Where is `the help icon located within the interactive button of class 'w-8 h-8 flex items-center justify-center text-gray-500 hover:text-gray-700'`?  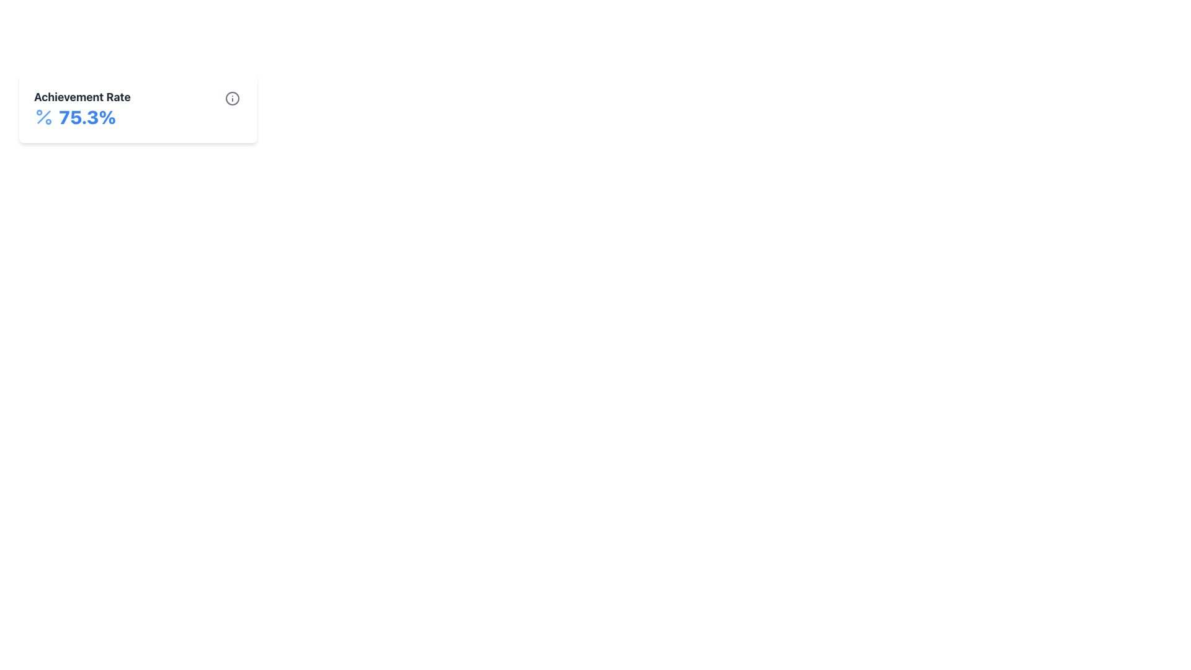
the help icon located within the interactive button of class 'w-8 h-8 flex items-center justify-center text-gray-500 hover:text-gray-700' is located at coordinates (232, 97).